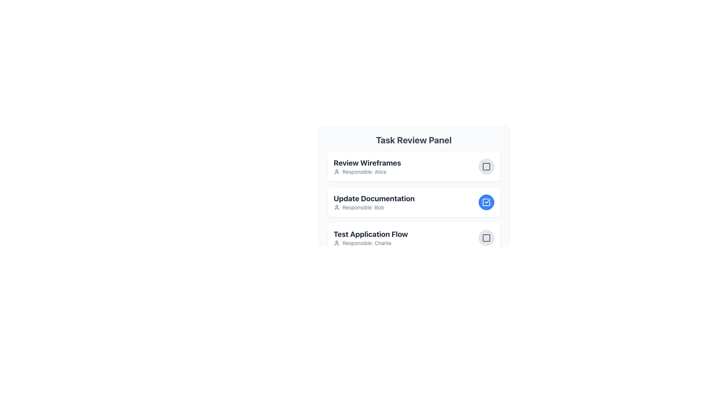 The height and width of the screenshot is (401, 713). Describe the element at coordinates (336, 243) in the screenshot. I see `the user icon representing the third entry in the 'Task Review Panel', adjacent to the text 'Responsible: Charlie'` at that location.